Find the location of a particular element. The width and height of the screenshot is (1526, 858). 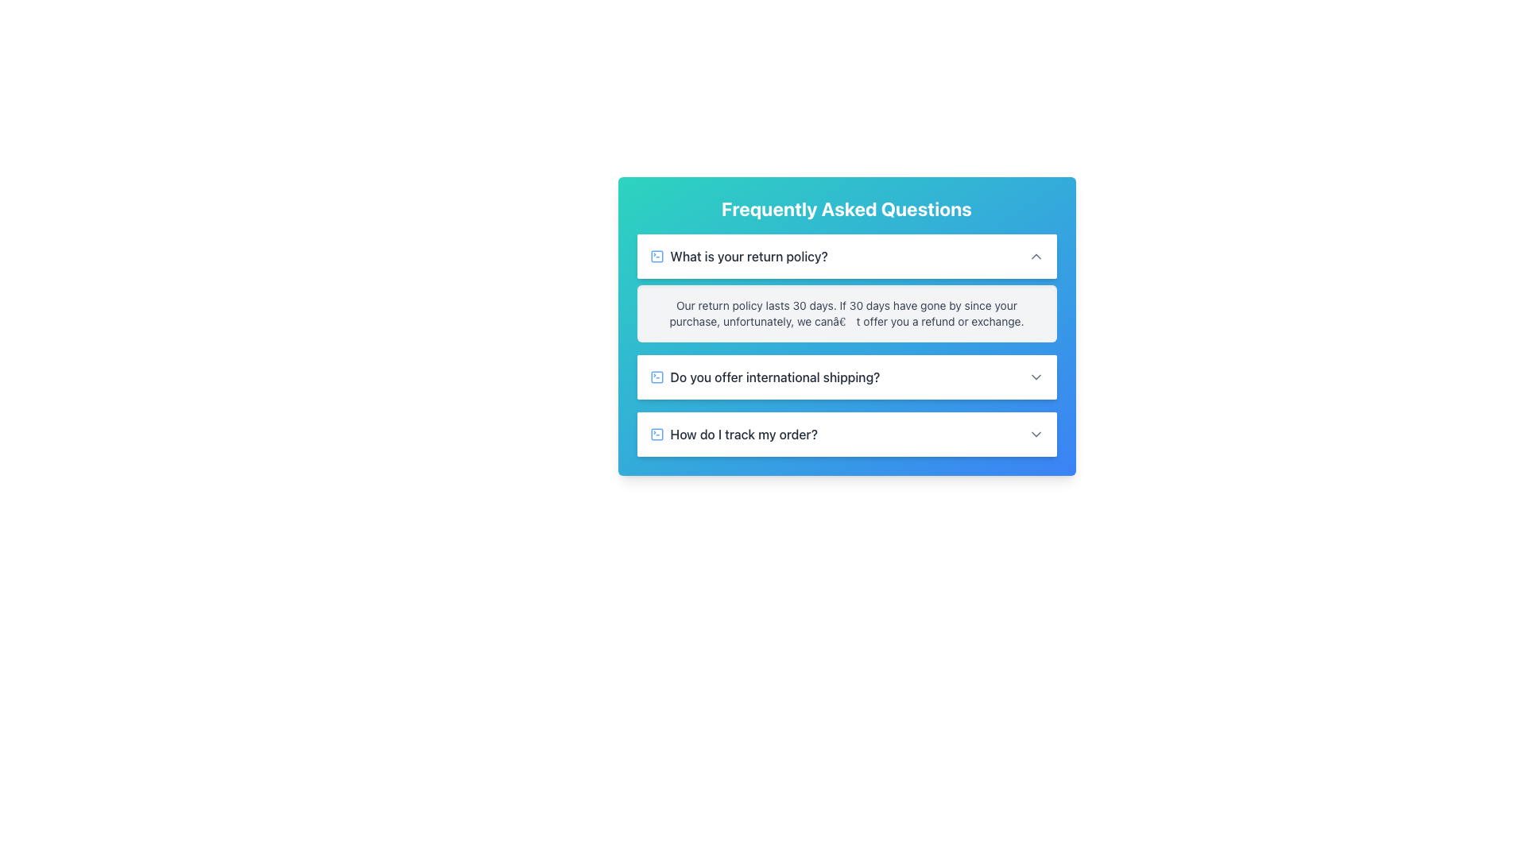

the FAQ Title Row element labeled 'What is your return policy?' is located at coordinates (738, 256).